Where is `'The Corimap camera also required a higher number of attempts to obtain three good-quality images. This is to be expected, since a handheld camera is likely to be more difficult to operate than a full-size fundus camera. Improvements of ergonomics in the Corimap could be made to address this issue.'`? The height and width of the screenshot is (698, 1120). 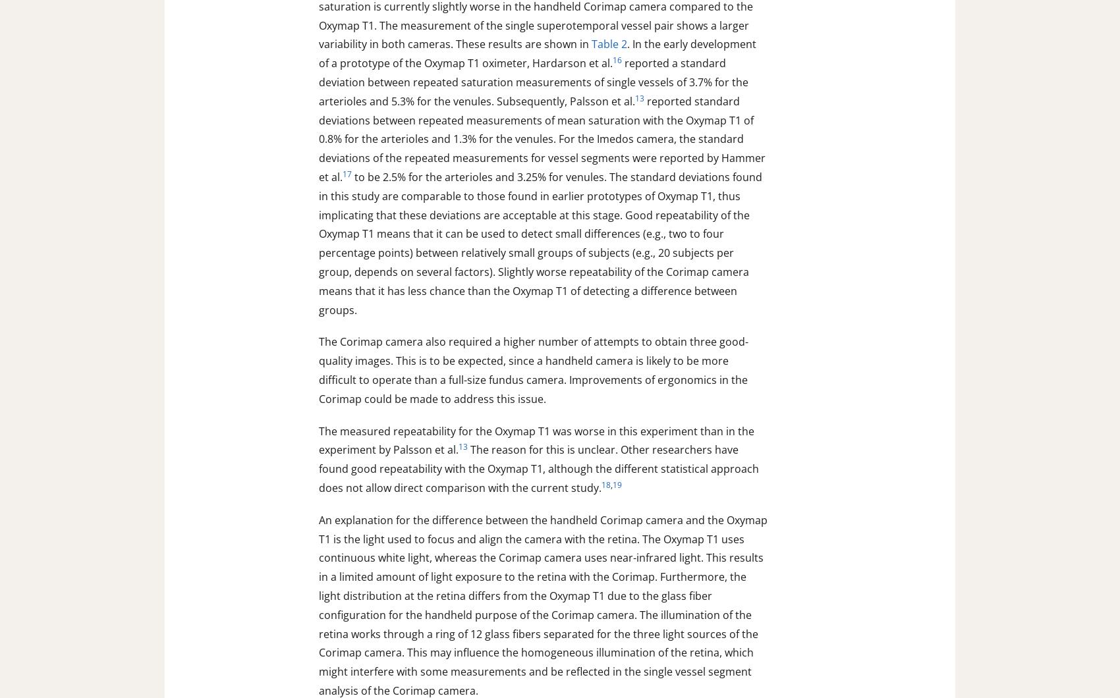 'The Corimap camera also required a higher number of attempts to obtain three good-quality images. This is to be expected, since a handheld camera is likely to be more difficult to operate than a full-size fundus camera. Improvements of ergonomics in the Corimap could be made to address this issue.' is located at coordinates (533, 370).